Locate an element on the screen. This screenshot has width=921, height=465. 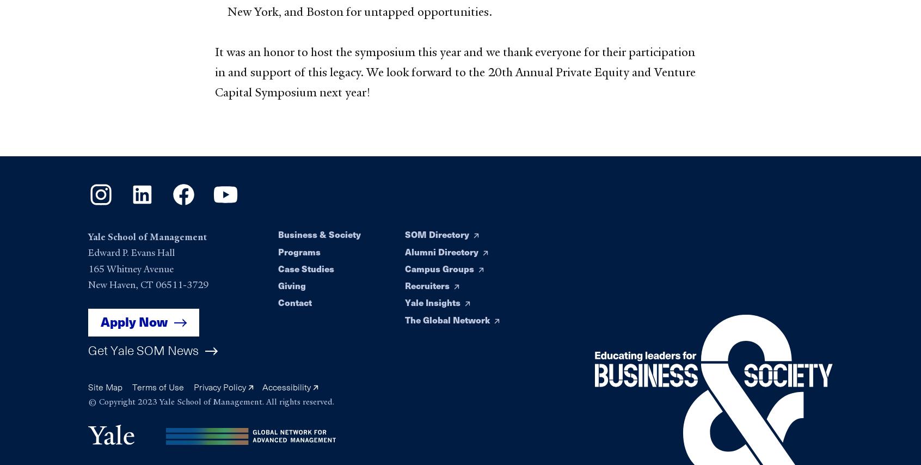
'Site Map' is located at coordinates (105, 387).